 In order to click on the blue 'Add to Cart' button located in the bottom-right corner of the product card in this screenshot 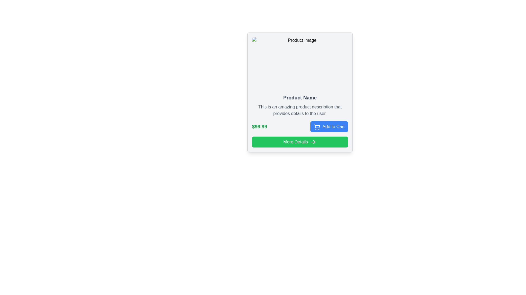, I will do `click(329, 126)`.